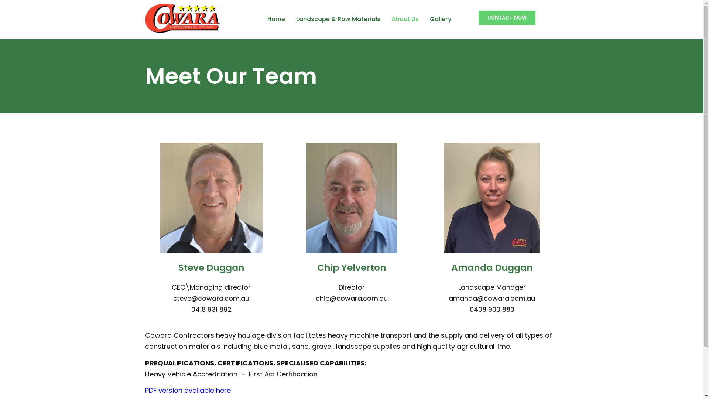 The width and height of the screenshot is (709, 399). What do you see at coordinates (276, 18) in the screenshot?
I see `'Home'` at bounding box center [276, 18].